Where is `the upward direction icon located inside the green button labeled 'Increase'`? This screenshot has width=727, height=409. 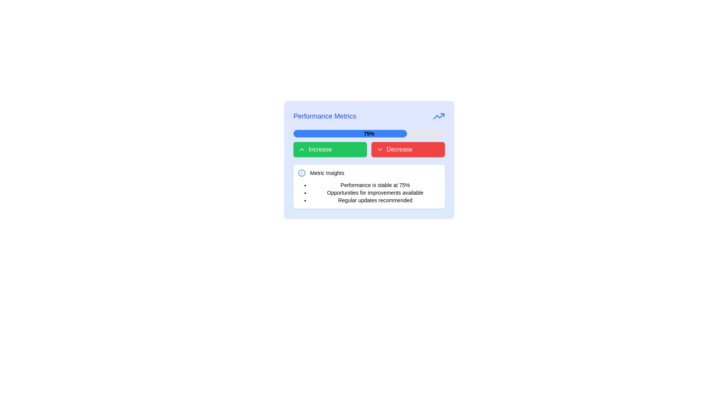
the upward direction icon located inside the green button labeled 'Increase' is located at coordinates (301, 149).